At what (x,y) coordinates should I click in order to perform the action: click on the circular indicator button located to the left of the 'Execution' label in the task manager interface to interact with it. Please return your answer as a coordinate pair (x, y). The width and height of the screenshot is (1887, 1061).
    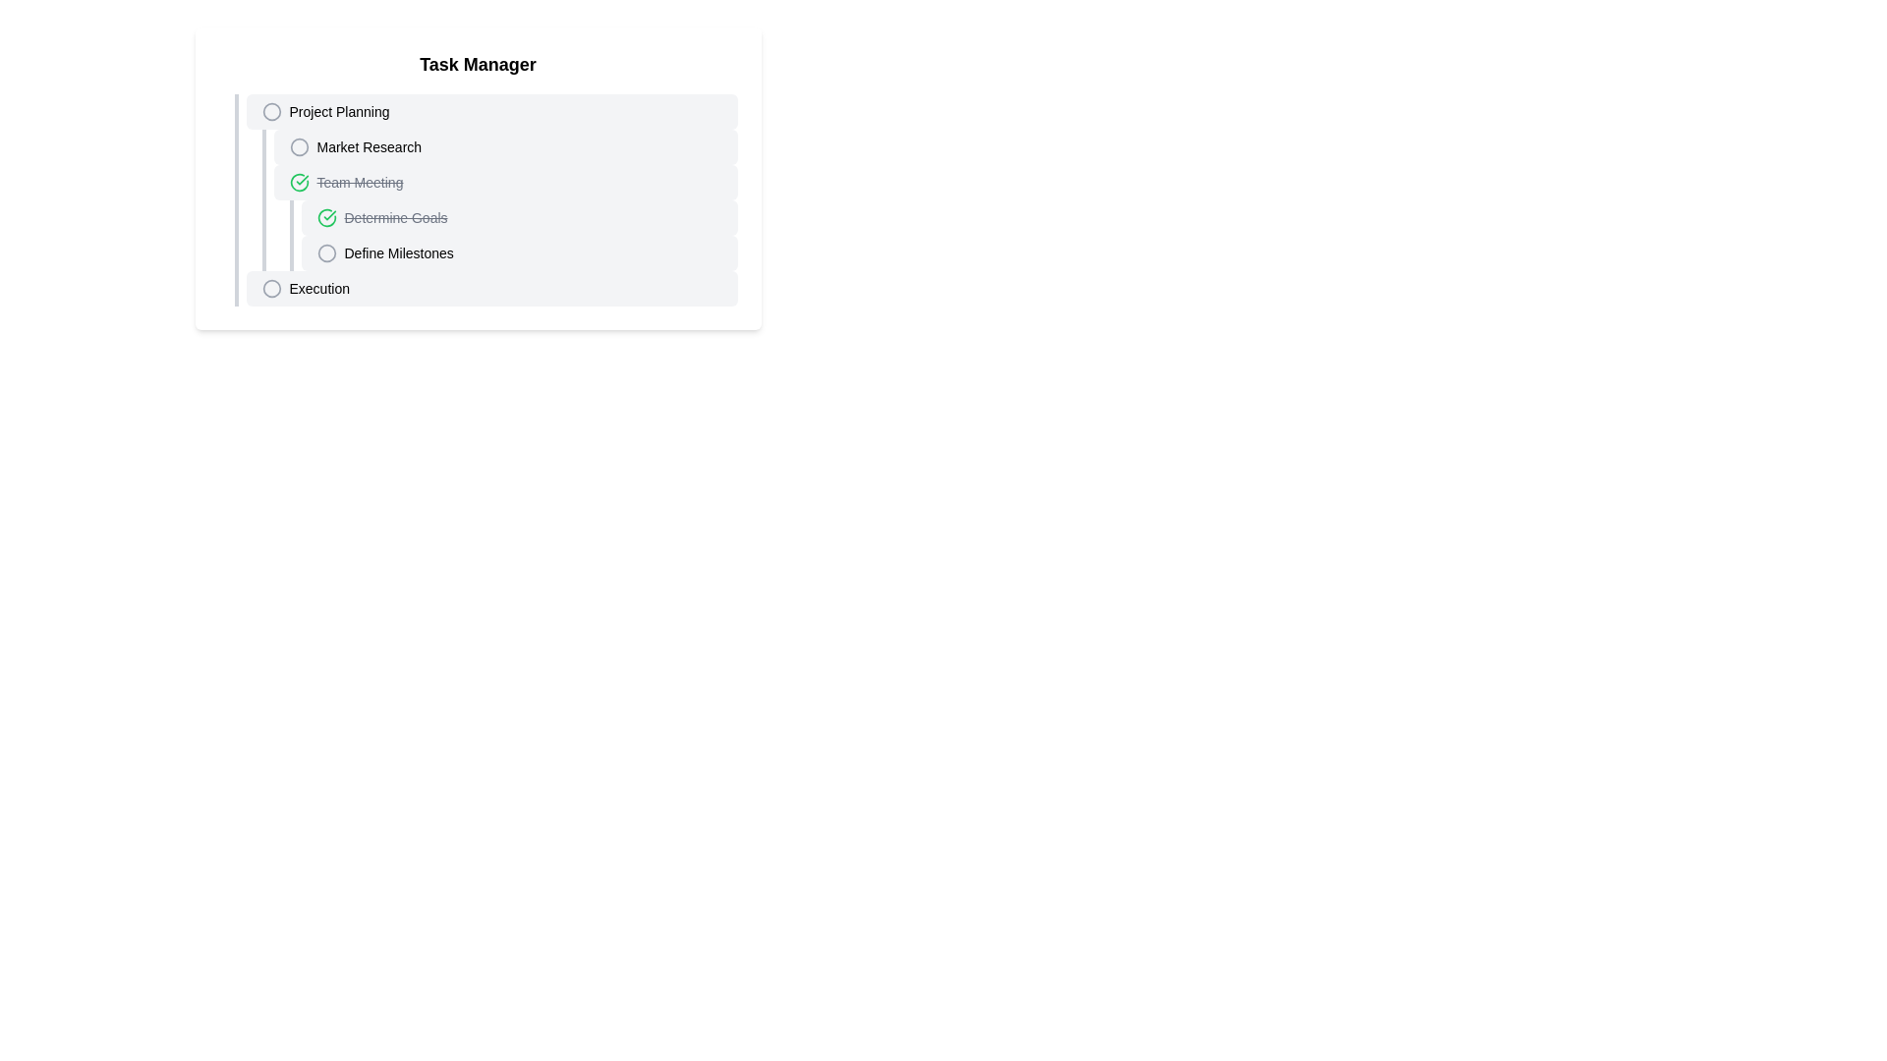
    Looking at the image, I should click on (270, 288).